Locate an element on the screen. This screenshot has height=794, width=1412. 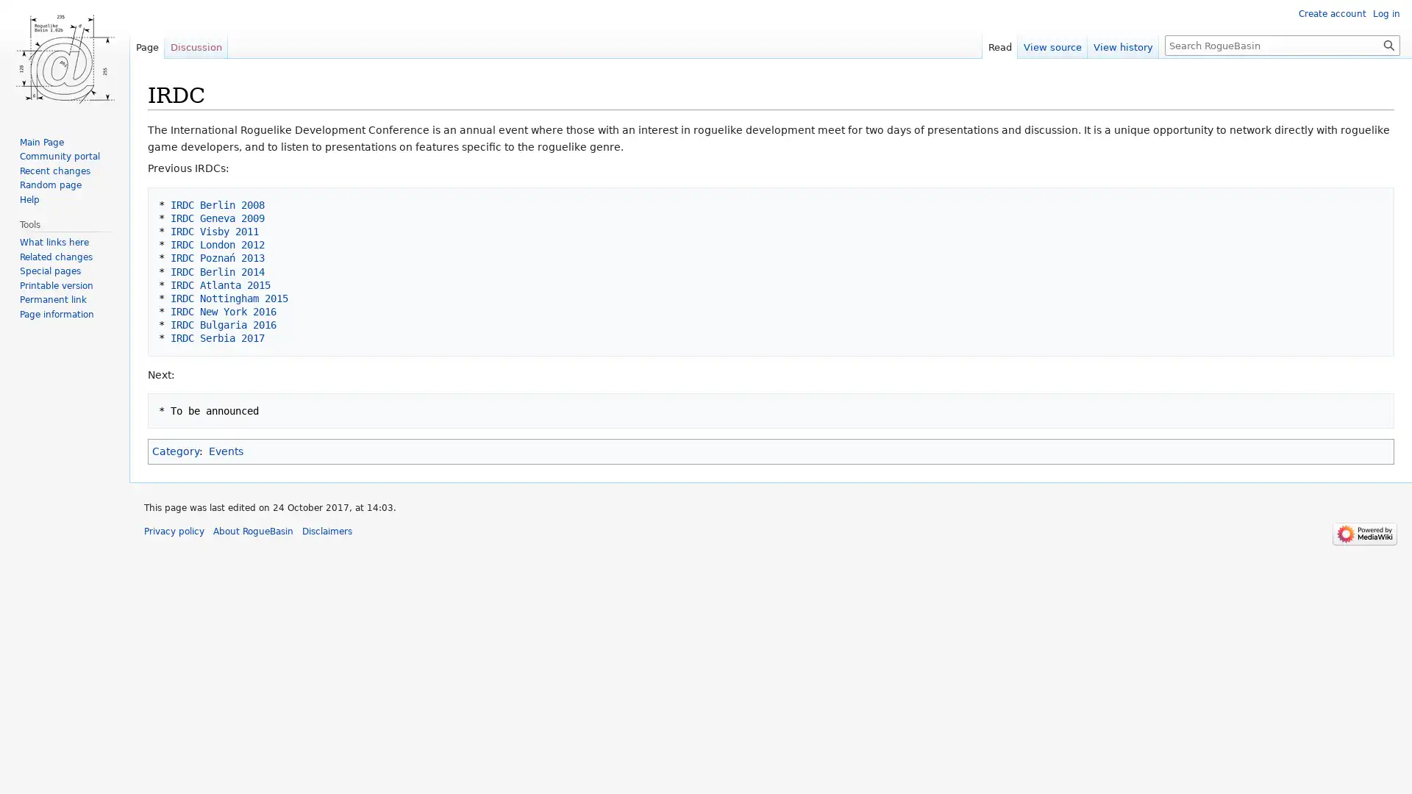
Search is located at coordinates (1388, 44).